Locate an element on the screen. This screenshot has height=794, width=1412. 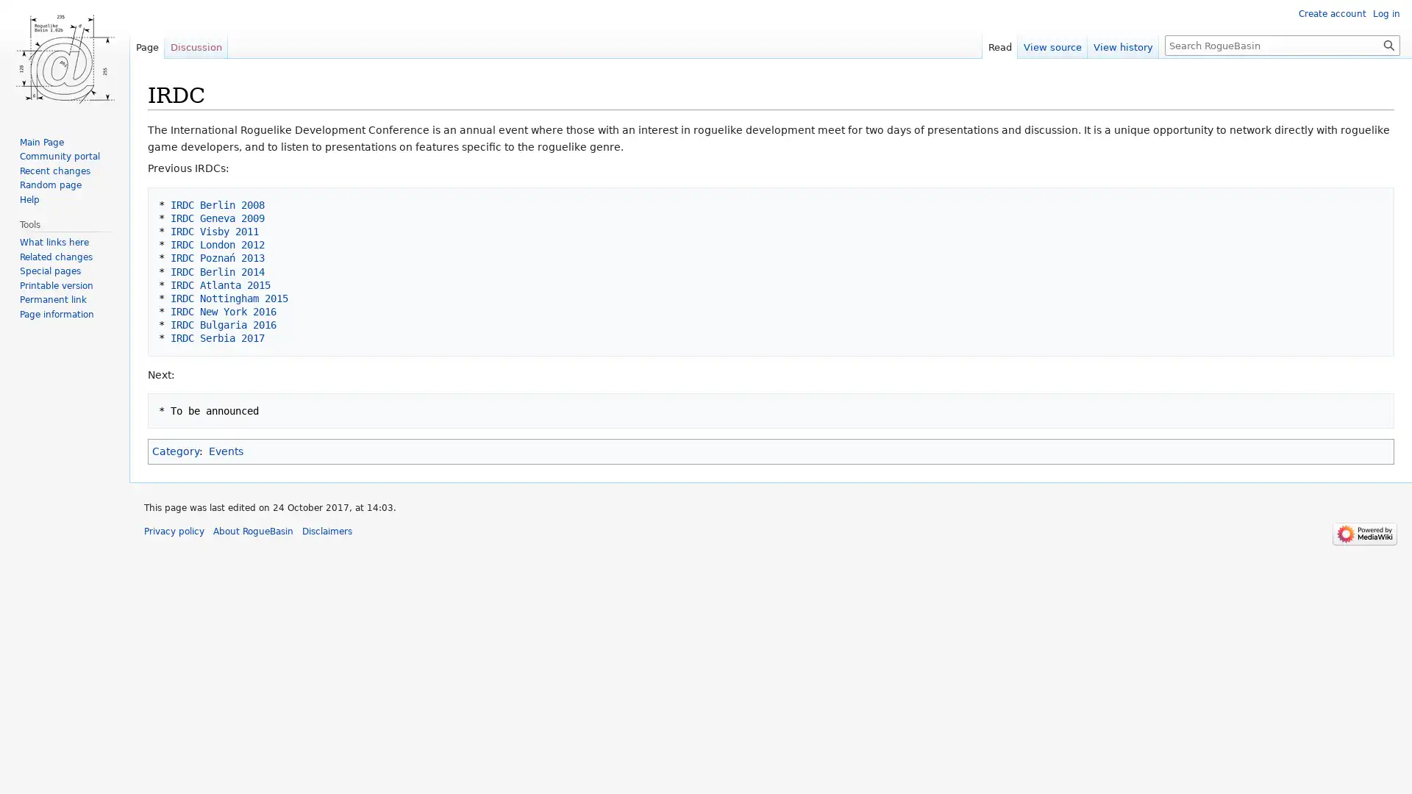
Search is located at coordinates (1388, 44).